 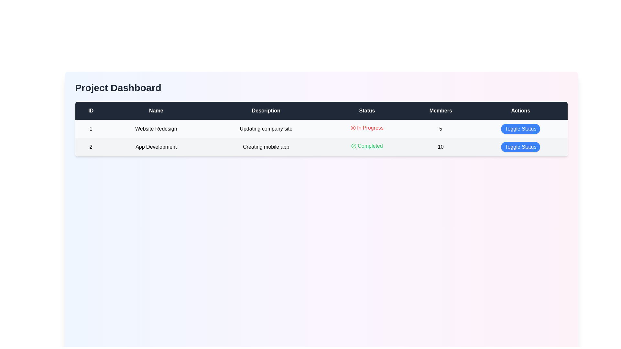 I want to click on the text label displaying the member count for the project in the fifth column of the first row, located between the 'Status' and 'Actions' columns, so click(x=440, y=129).